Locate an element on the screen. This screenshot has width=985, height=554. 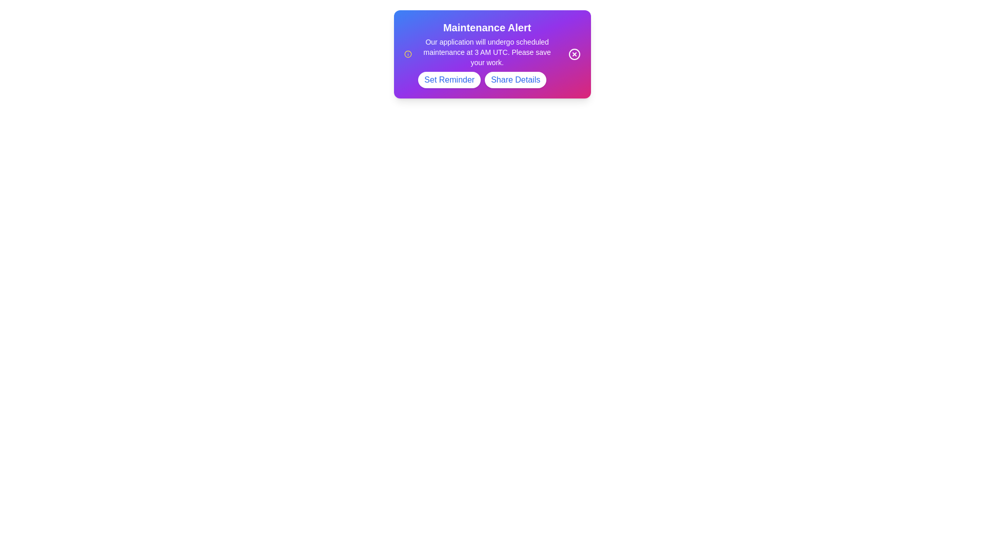
the 'Set Reminder' button to trigger the reminder action is located at coordinates (449, 79).